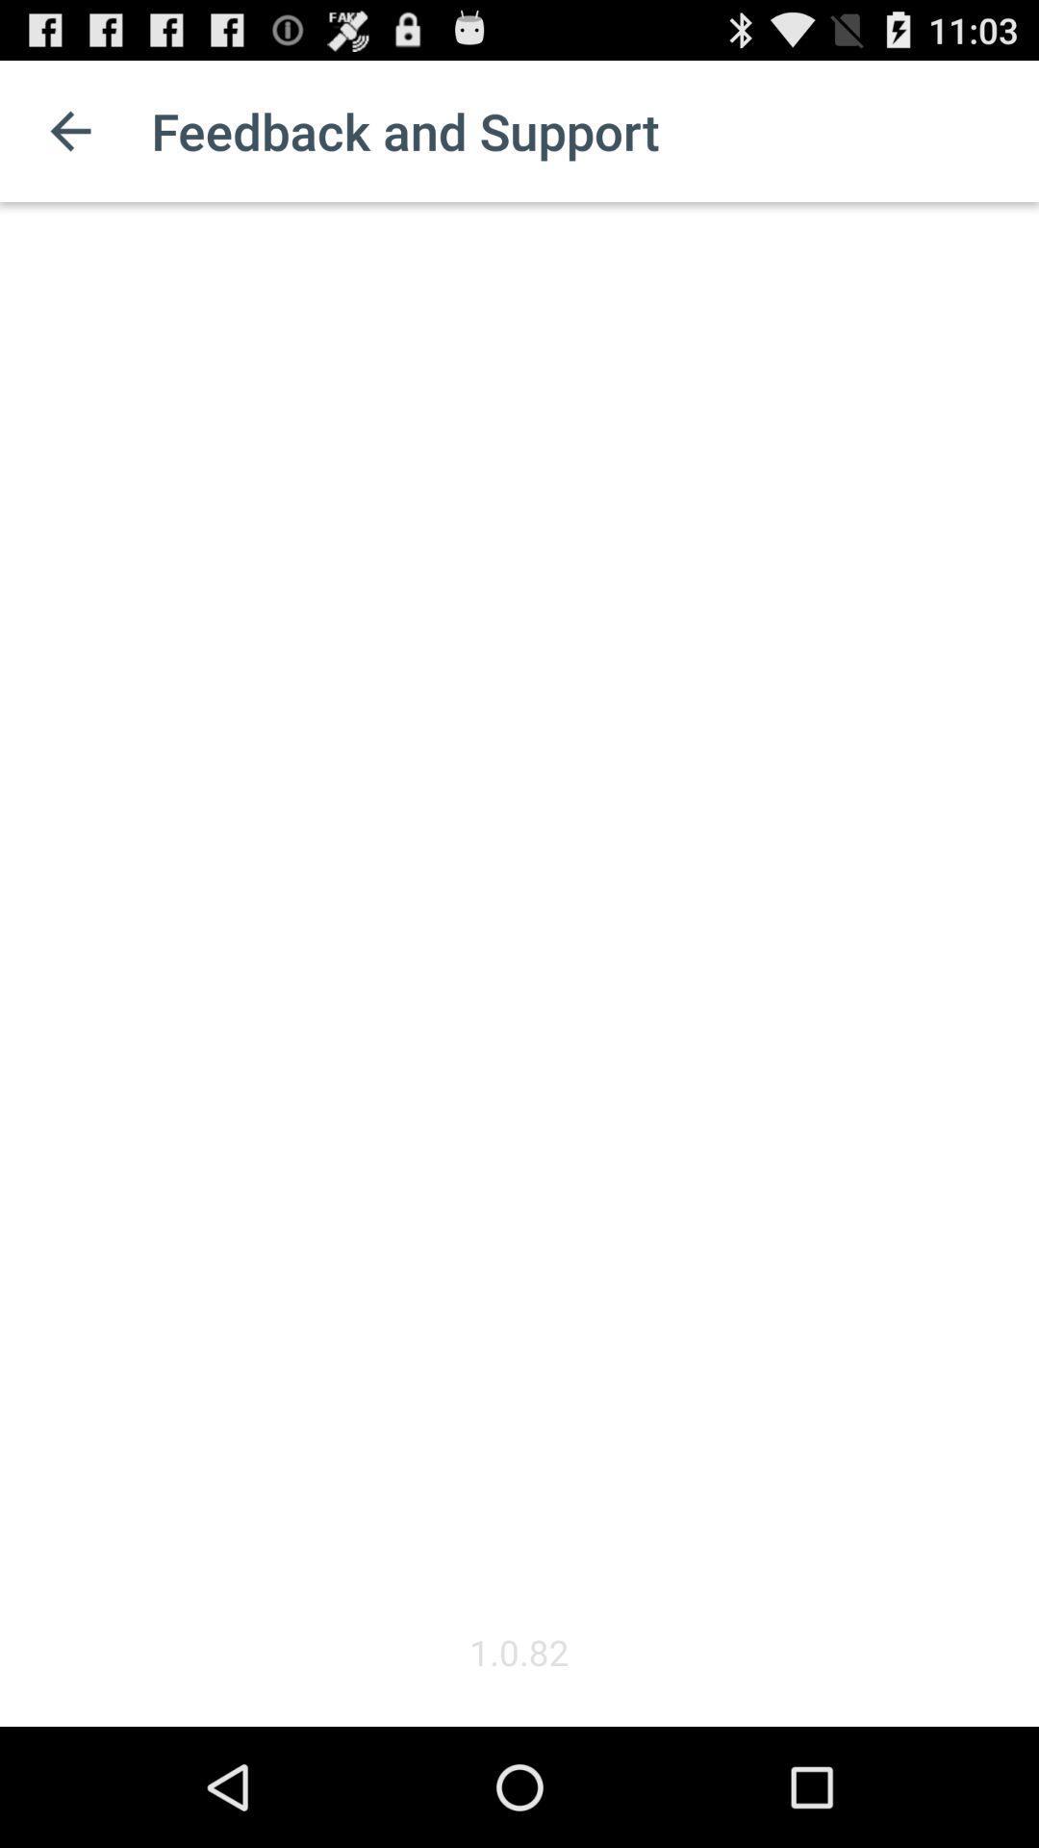 This screenshot has height=1848, width=1039. Describe the element at coordinates (69, 130) in the screenshot. I see `icon at the top left corner` at that location.